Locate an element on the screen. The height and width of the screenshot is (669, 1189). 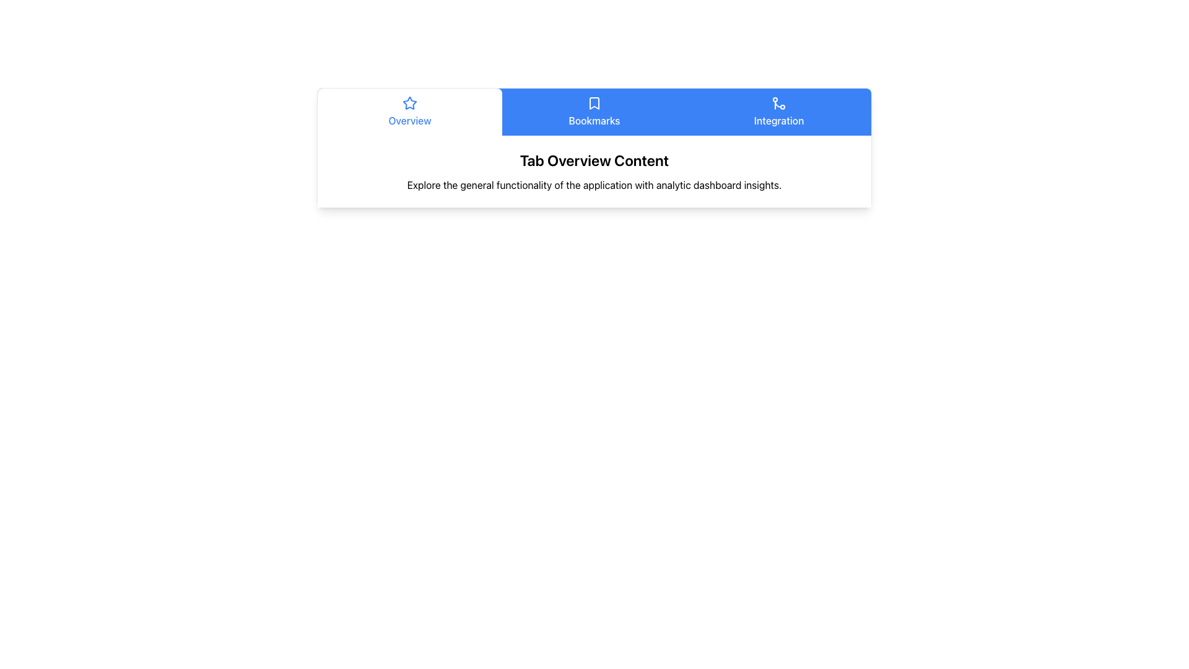
the 'Bookmarks' tab in the Tab Navigation Bar, which is centrally positioned at the top of the interface and serves to switch between sections of the application is located at coordinates (594, 112).